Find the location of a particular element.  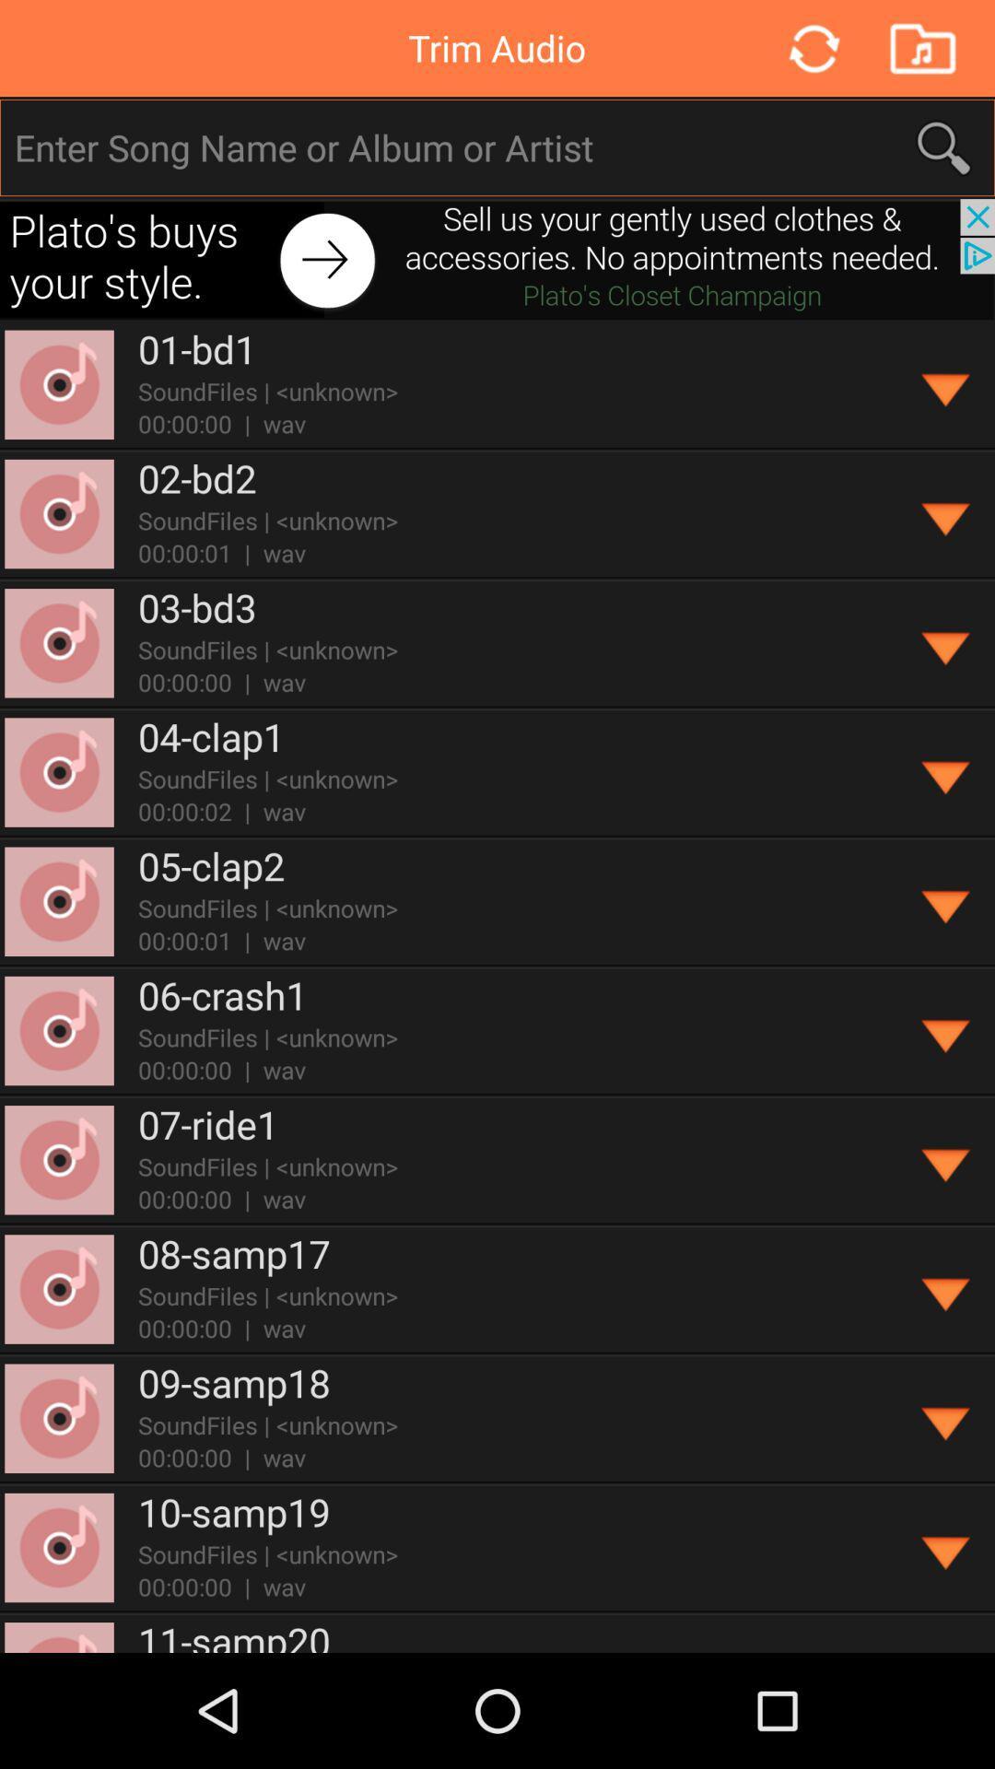

button is located at coordinates (946, 514).